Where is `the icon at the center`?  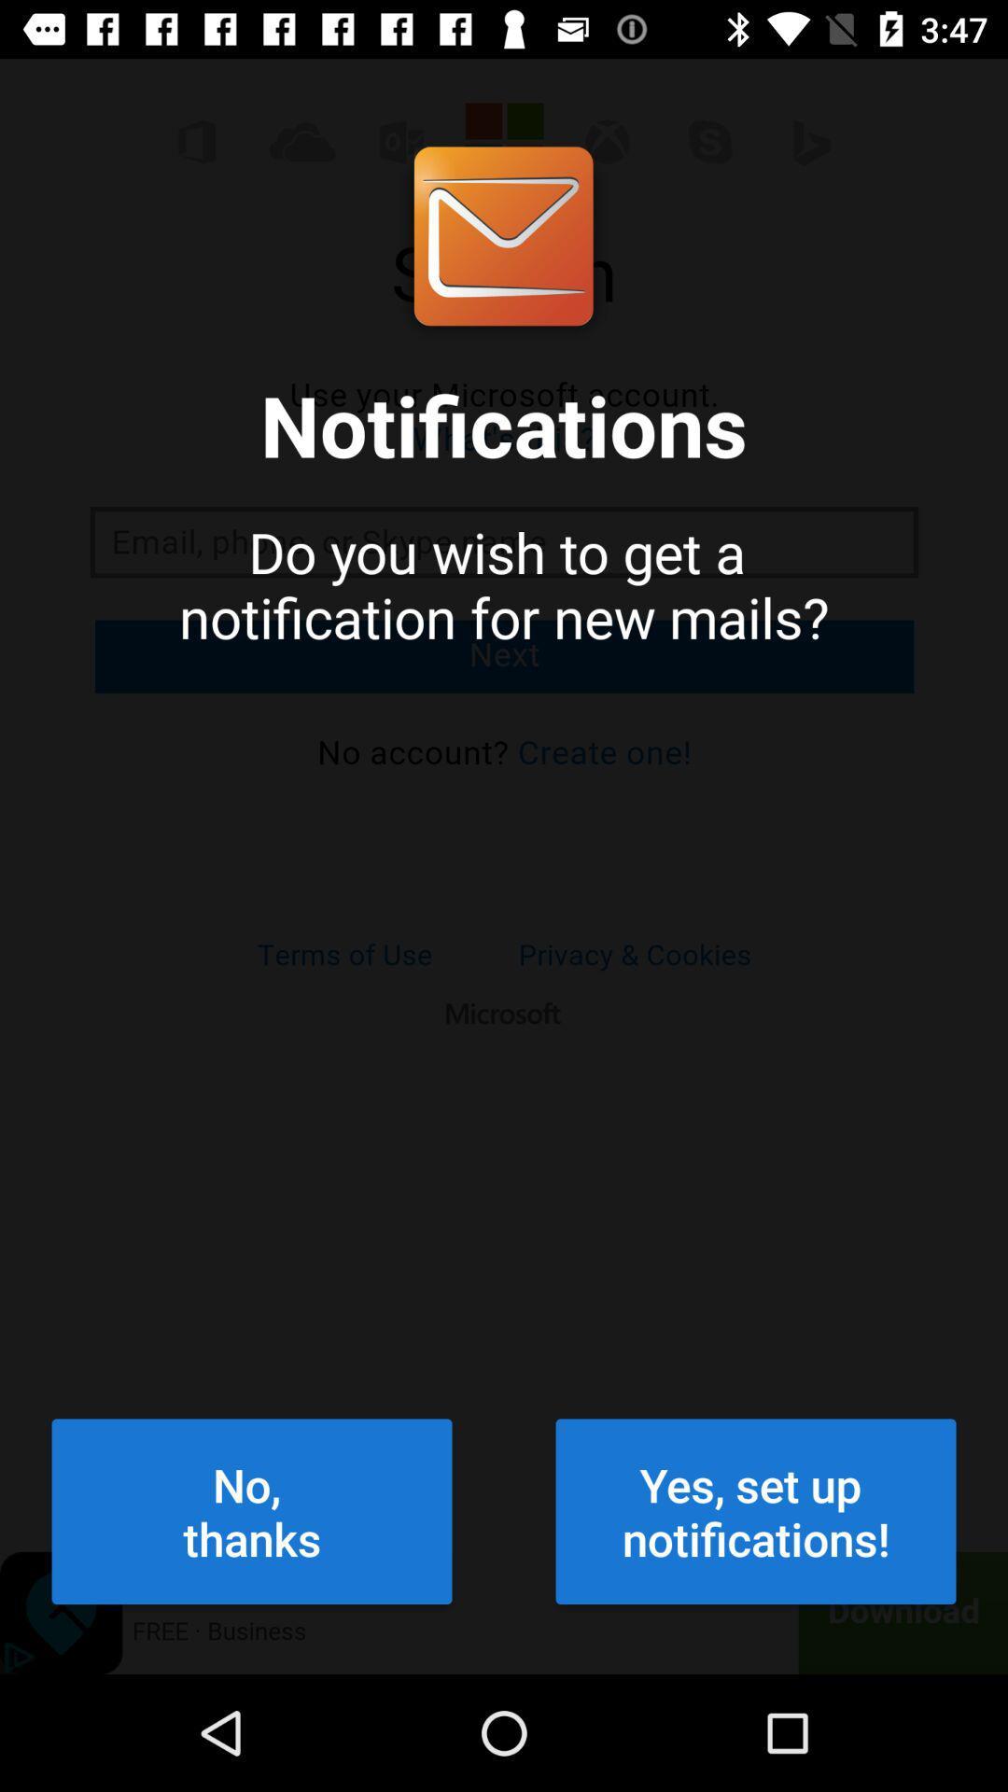
the icon at the center is located at coordinates (504, 805).